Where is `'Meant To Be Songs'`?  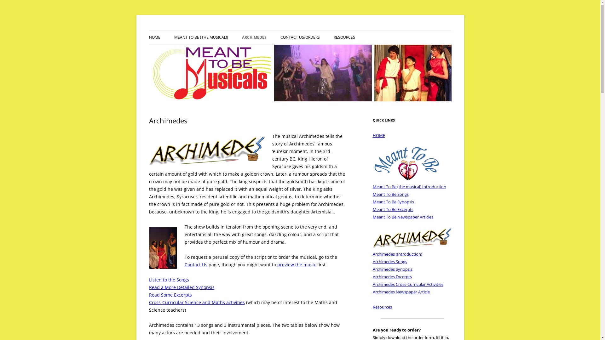 'Meant To Be Songs' is located at coordinates (390, 194).